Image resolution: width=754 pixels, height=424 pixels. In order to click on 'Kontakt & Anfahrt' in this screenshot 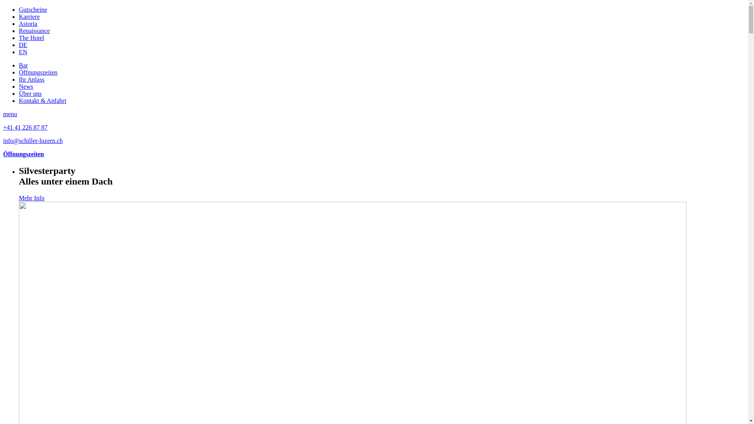, I will do `click(42, 100)`.